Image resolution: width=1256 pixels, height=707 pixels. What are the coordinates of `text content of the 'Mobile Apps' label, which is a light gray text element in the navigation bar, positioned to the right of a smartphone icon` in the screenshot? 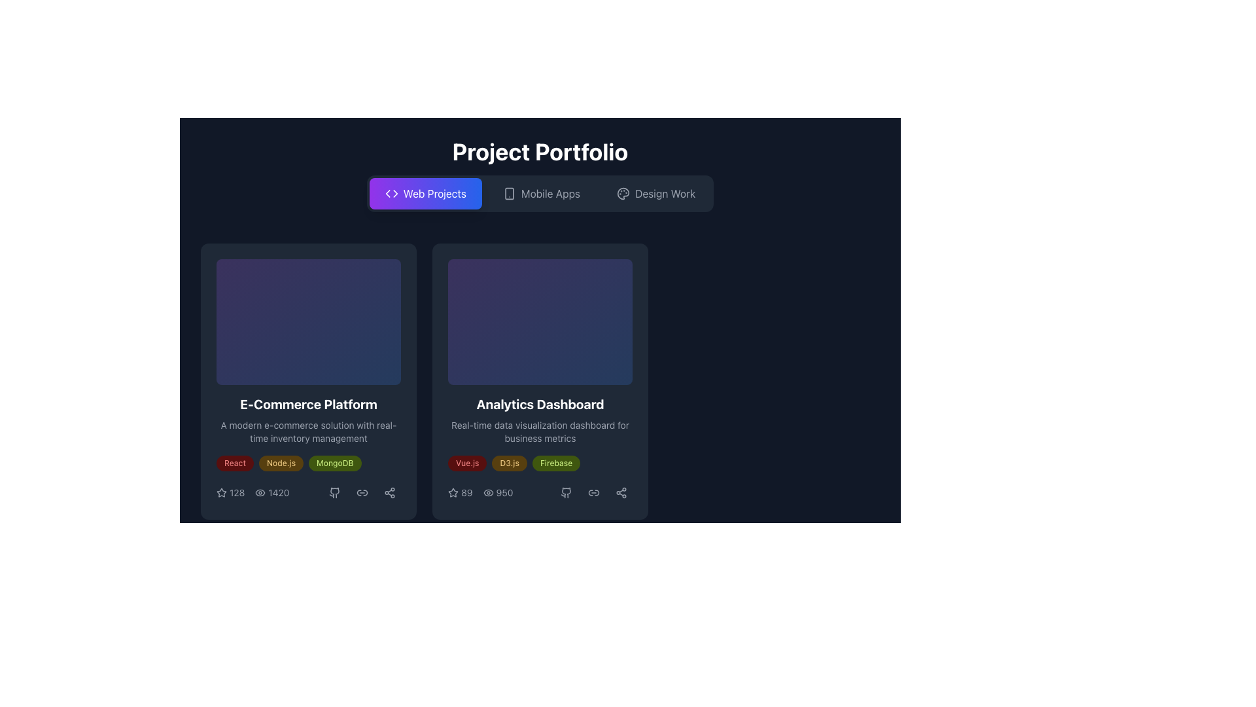 It's located at (550, 194).